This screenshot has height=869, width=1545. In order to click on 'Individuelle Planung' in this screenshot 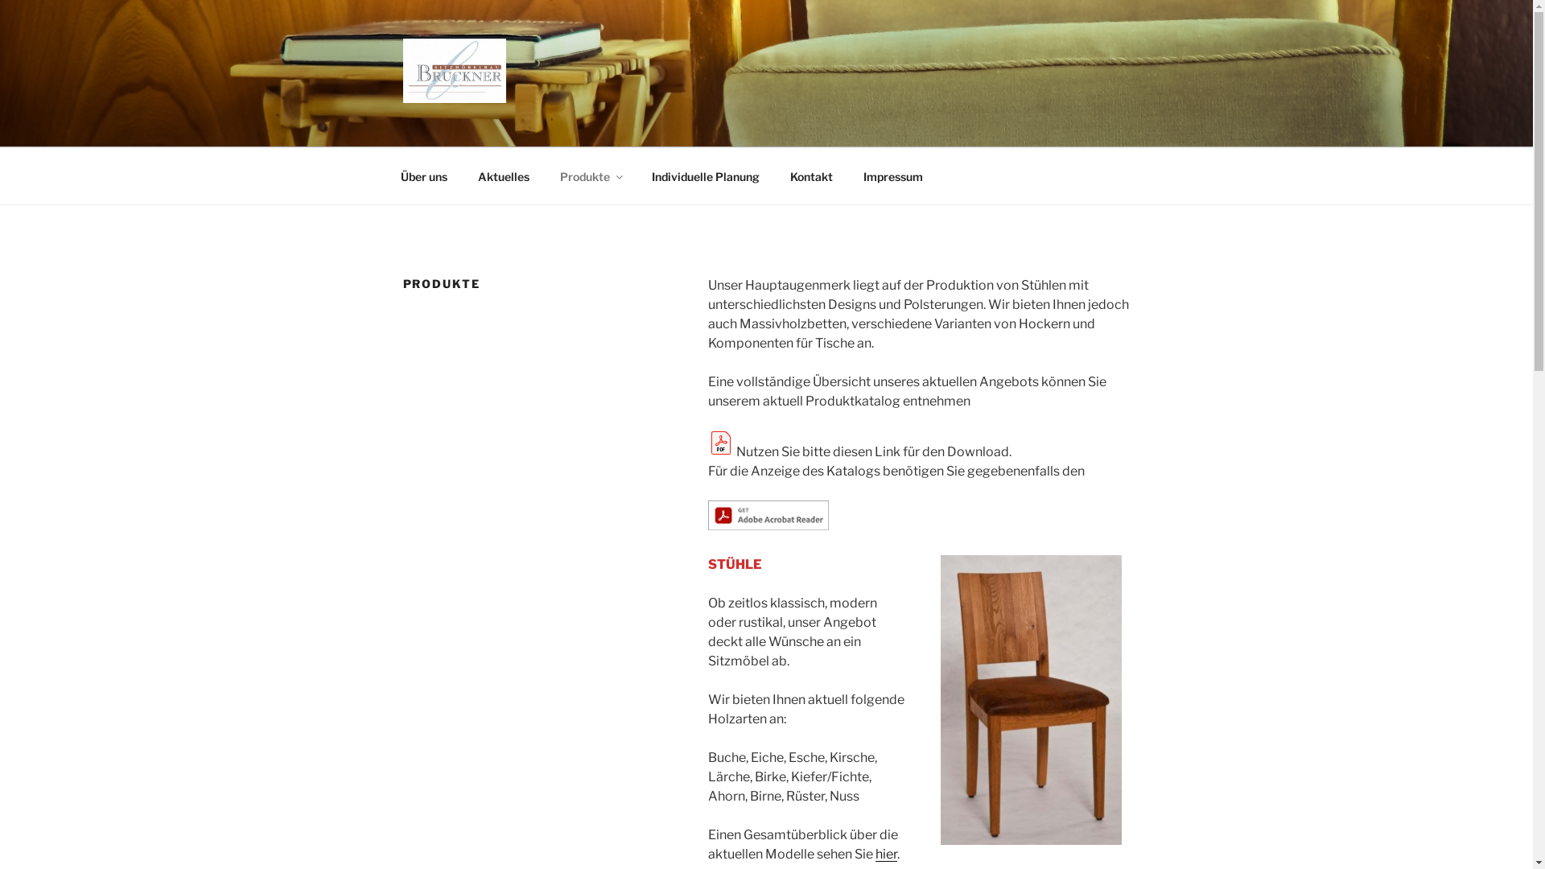, I will do `click(705, 175)`.